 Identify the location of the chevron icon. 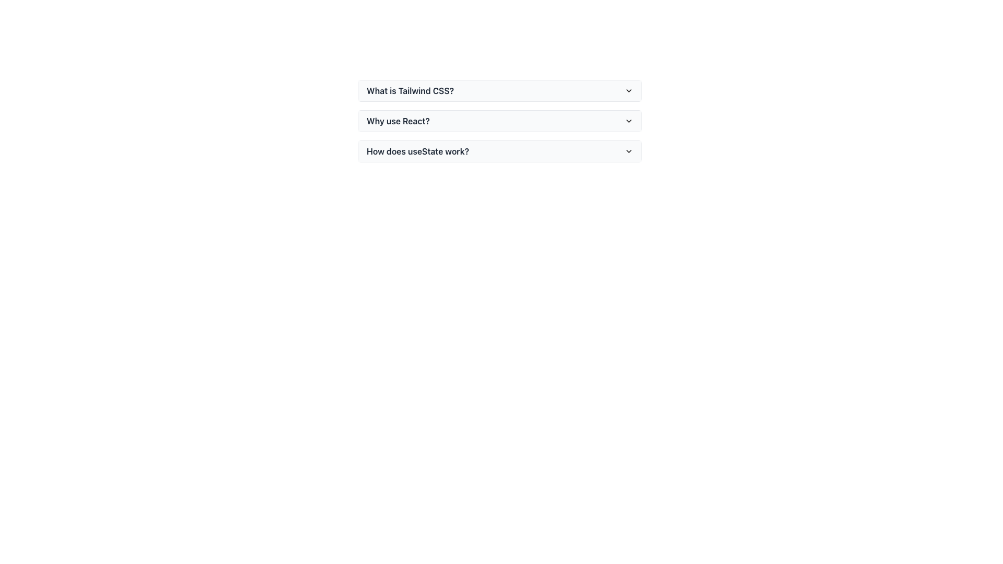
(628, 151).